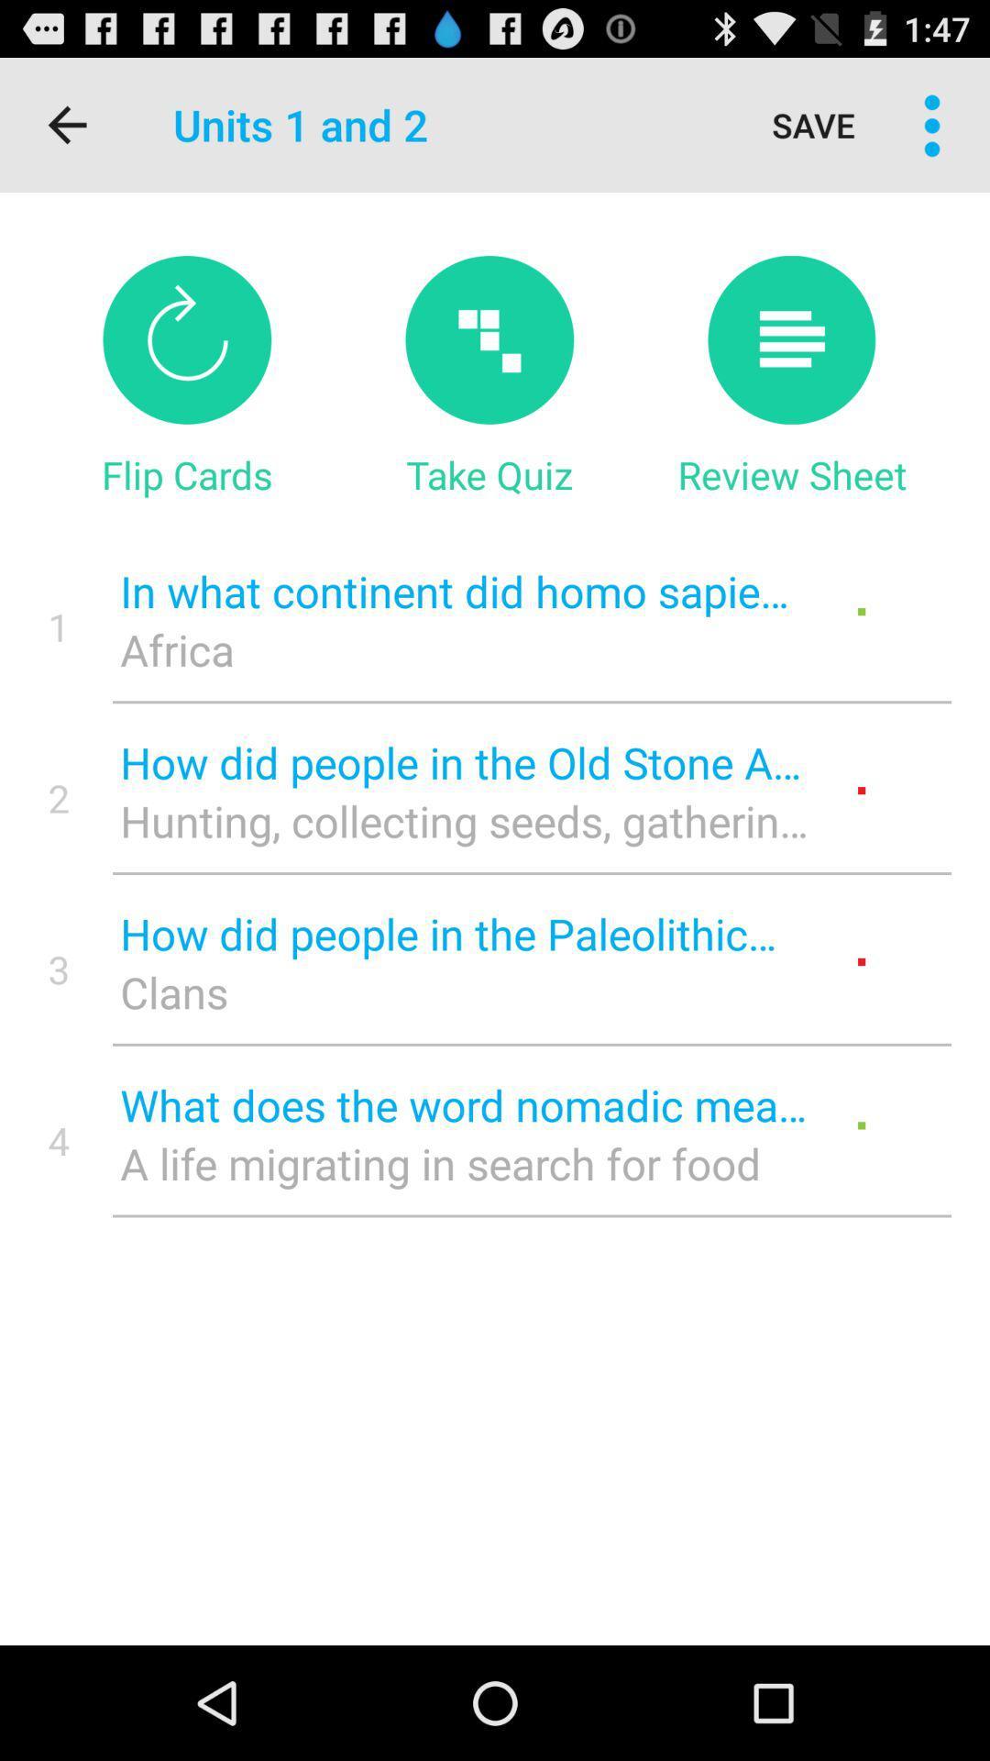 This screenshot has height=1761, width=990. What do you see at coordinates (463, 649) in the screenshot?
I see `the item next to the 1` at bounding box center [463, 649].